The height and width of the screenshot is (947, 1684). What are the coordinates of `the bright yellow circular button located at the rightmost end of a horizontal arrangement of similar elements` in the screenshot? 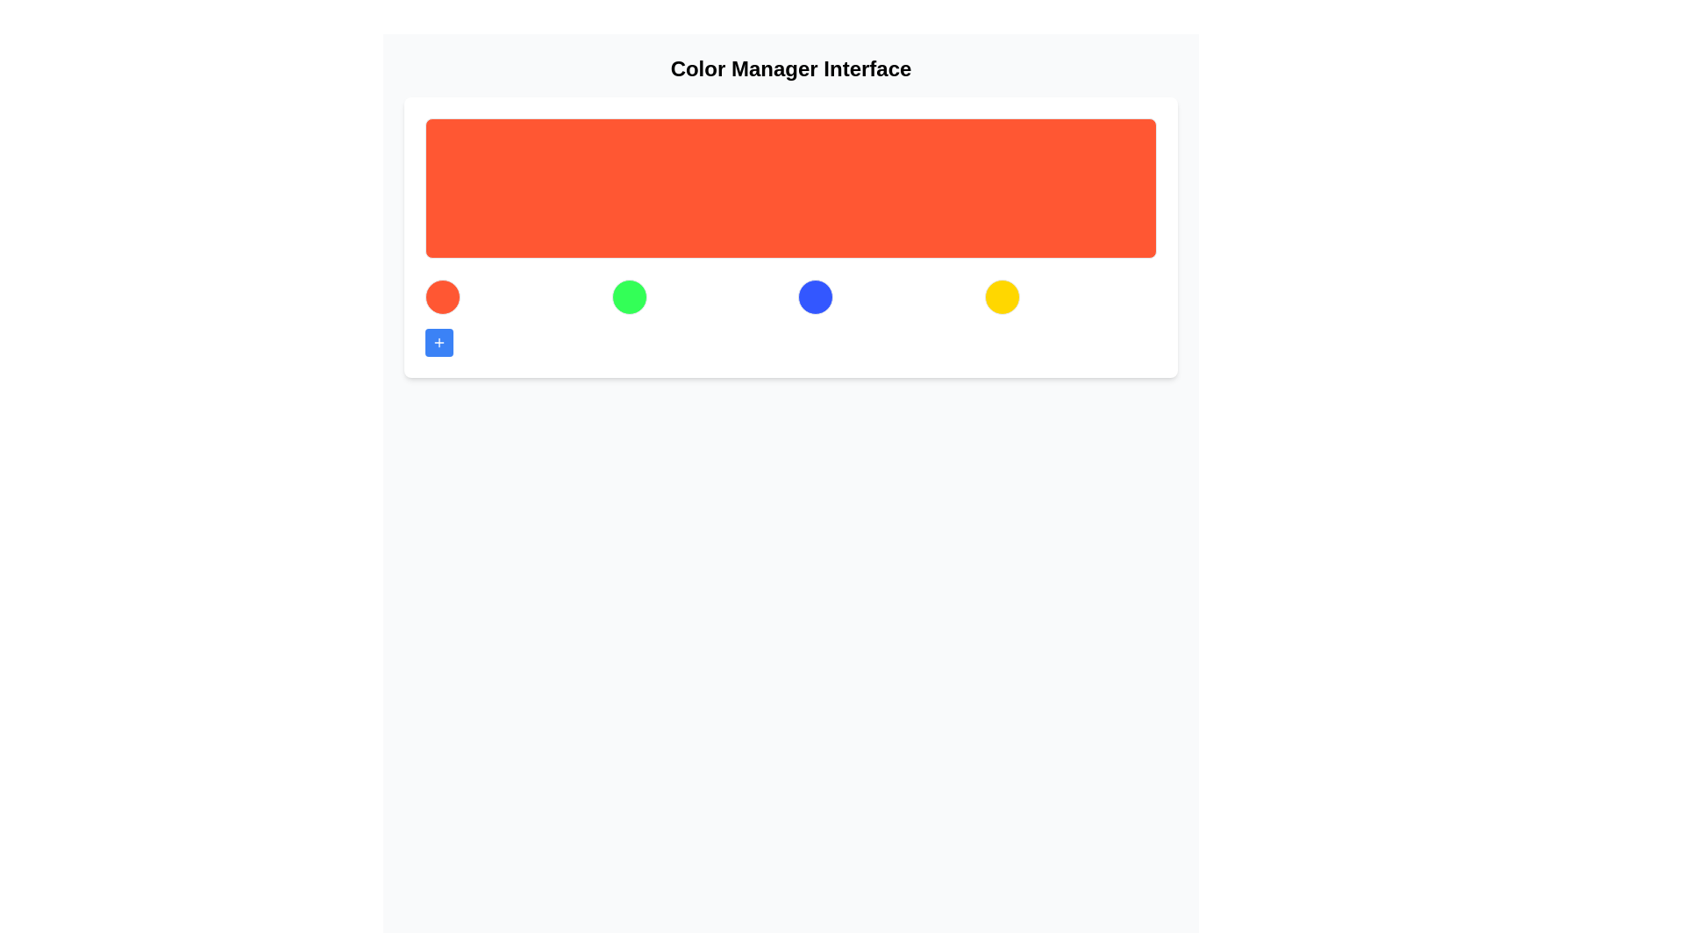 It's located at (1002, 296).